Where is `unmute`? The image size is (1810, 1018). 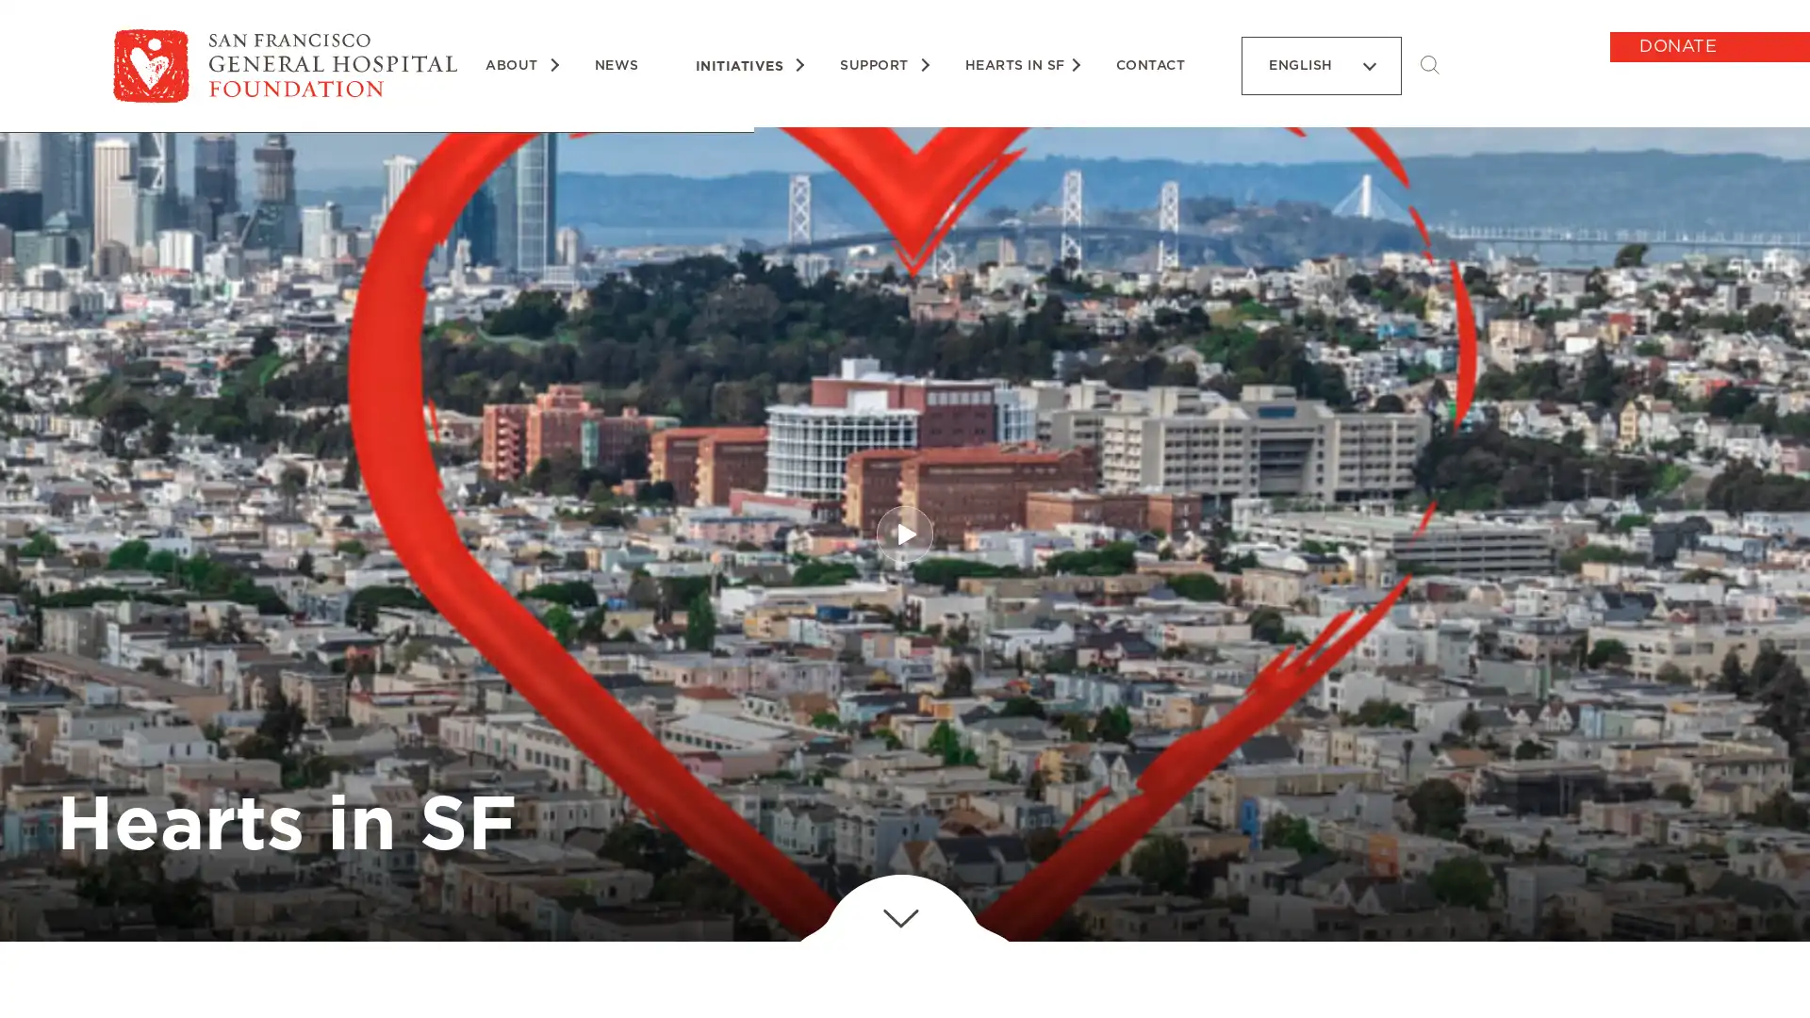 unmute is located at coordinates (1642, 888).